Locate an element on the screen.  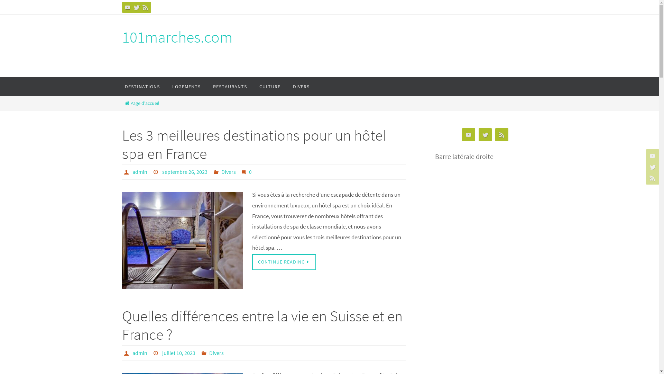
'admin' is located at coordinates (139, 171).